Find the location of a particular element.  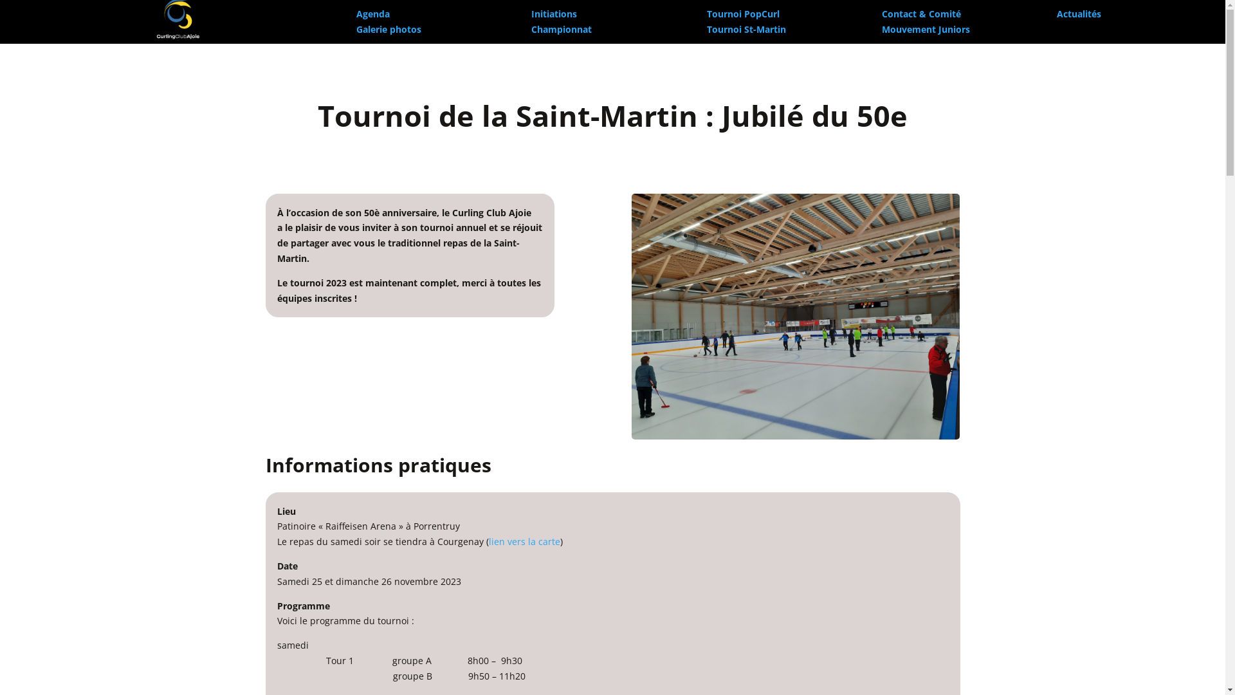

'Mouvement Juniors' is located at coordinates (925, 29).